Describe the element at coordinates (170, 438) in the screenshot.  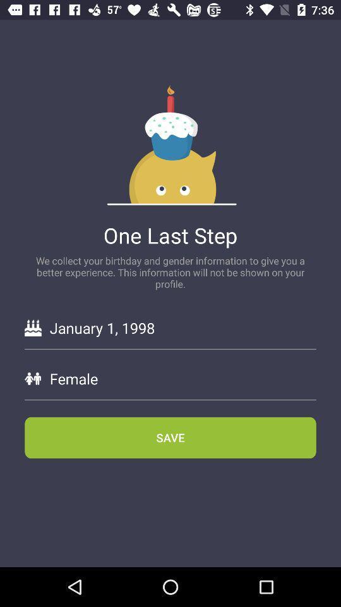
I see `the save item` at that location.